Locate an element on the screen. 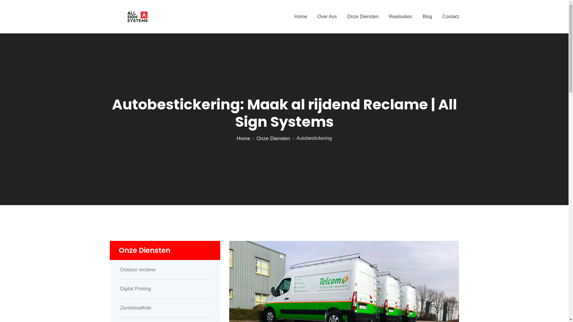 Image resolution: width=573 pixels, height=322 pixels. 'Onze Diensten' is located at coordinates (256, 138).